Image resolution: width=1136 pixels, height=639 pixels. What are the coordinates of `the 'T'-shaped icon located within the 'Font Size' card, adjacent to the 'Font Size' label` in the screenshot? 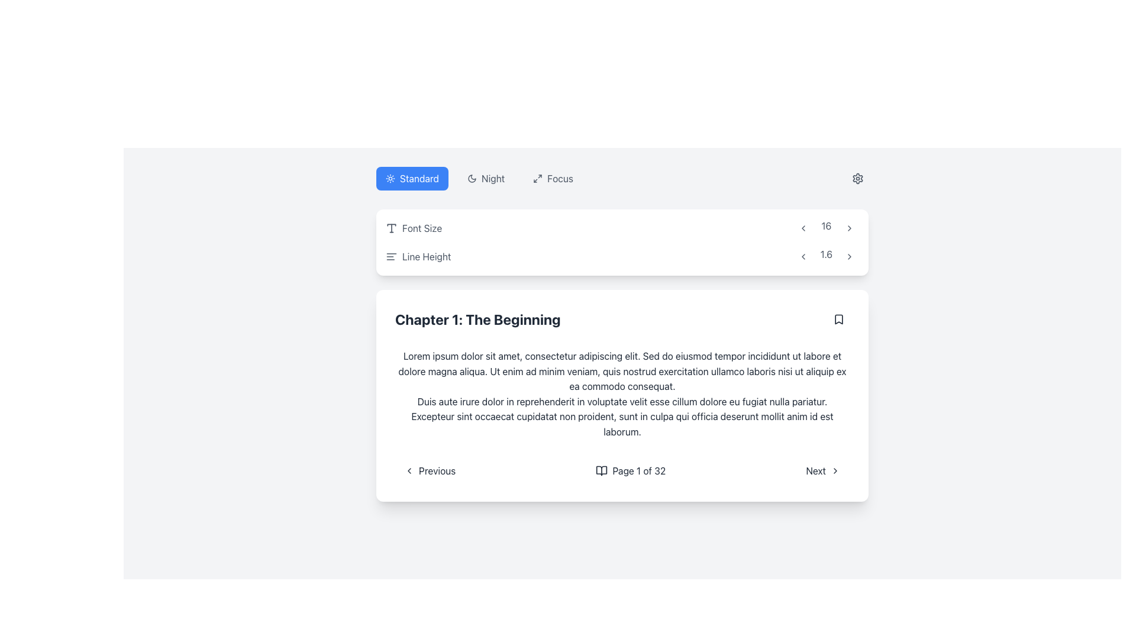 It's located at (392, 228).